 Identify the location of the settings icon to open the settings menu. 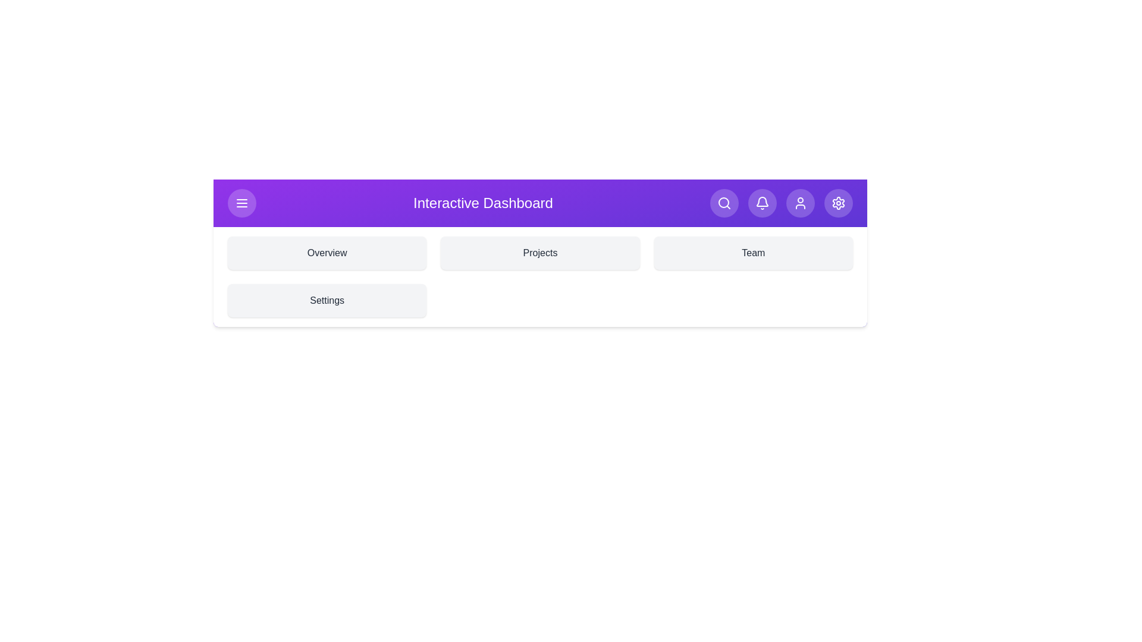
(838, 203).